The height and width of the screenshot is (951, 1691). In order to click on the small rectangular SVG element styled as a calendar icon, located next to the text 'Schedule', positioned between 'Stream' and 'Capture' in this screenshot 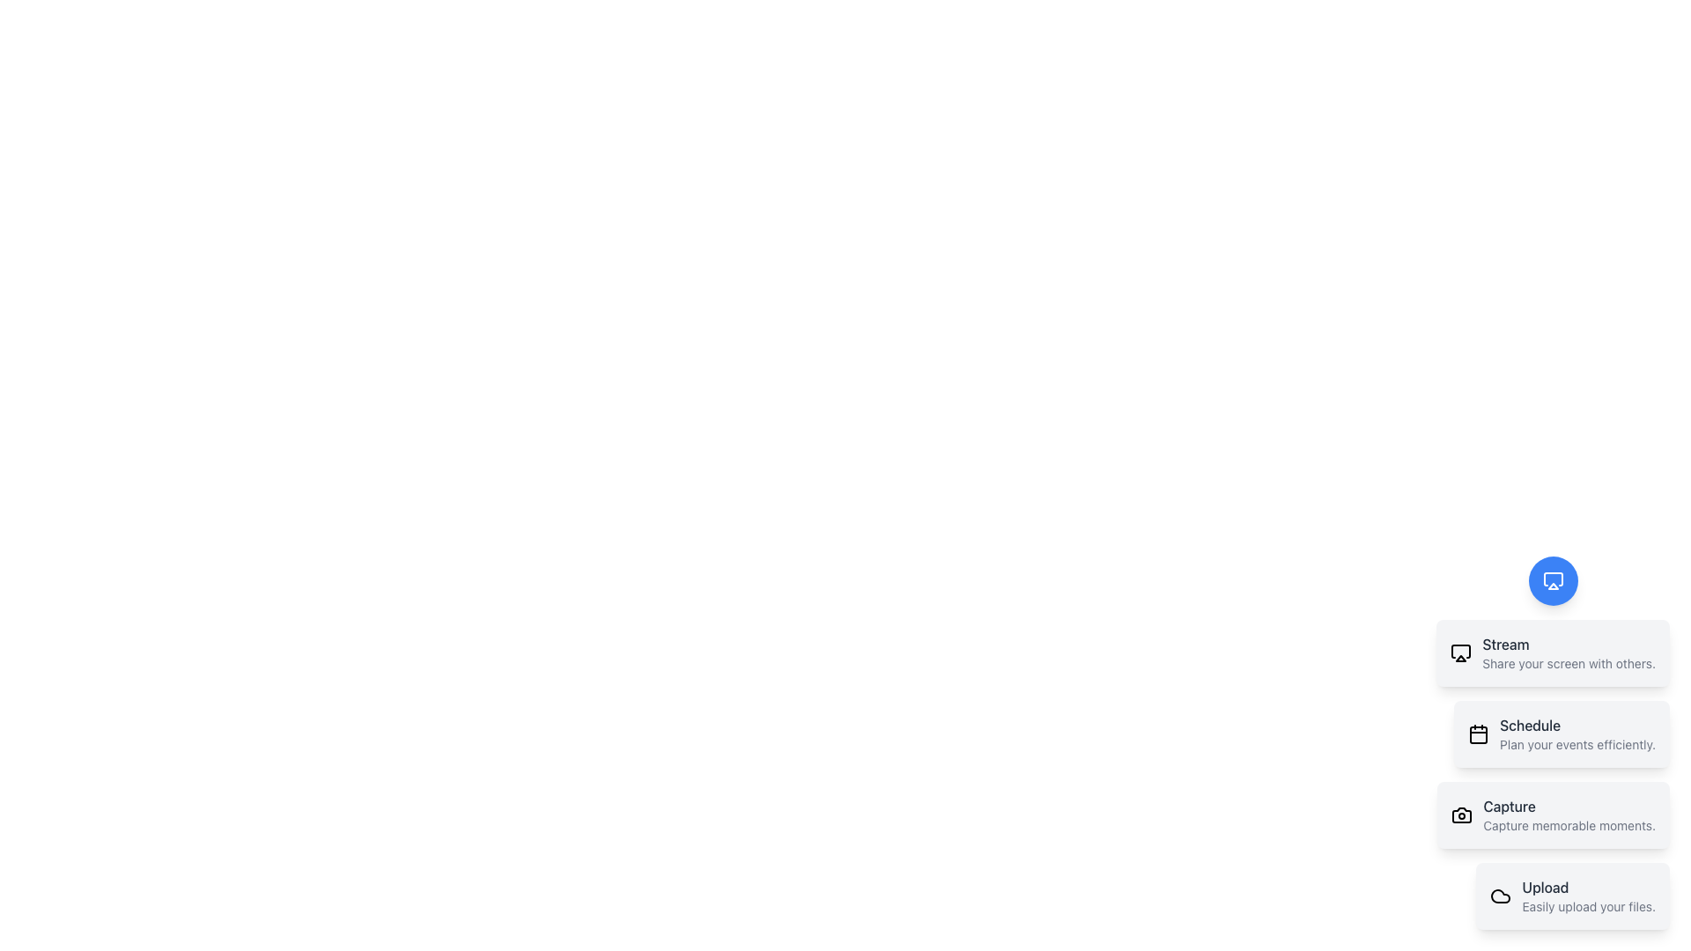, I will do `click(1479, 734)`.